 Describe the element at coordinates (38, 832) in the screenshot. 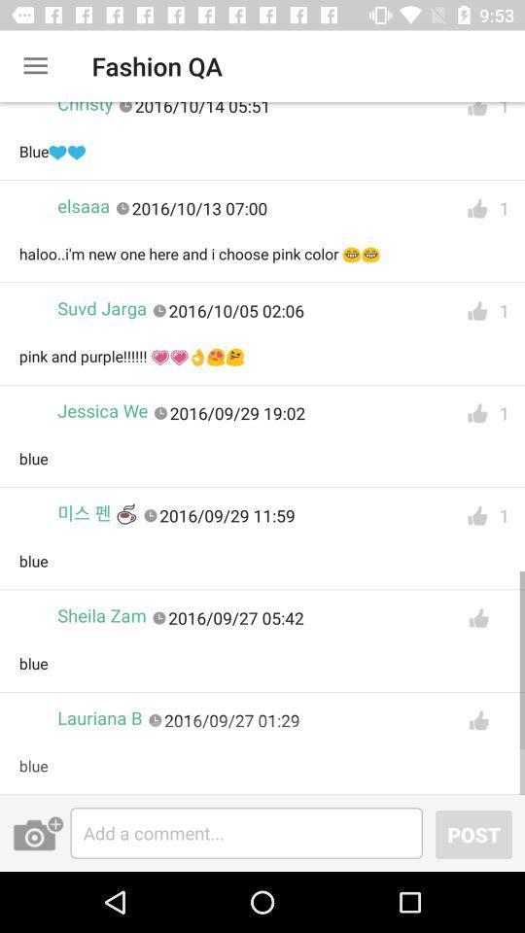

I see `the photo icon` at that location.